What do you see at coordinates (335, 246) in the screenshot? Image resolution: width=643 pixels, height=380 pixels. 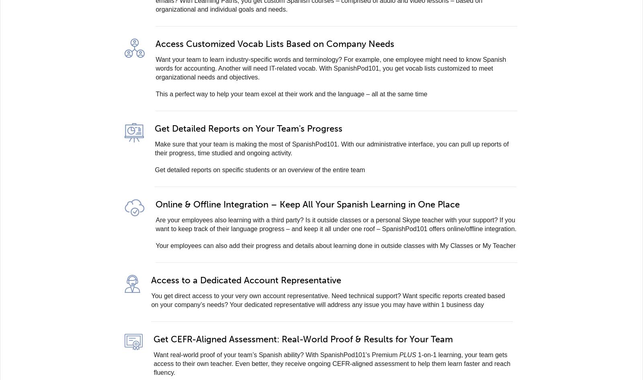 I see `'Your employees can also add their progress and details about learning done in outside classes with My Classes or My Teacher'` at bounding box center [335, 246].